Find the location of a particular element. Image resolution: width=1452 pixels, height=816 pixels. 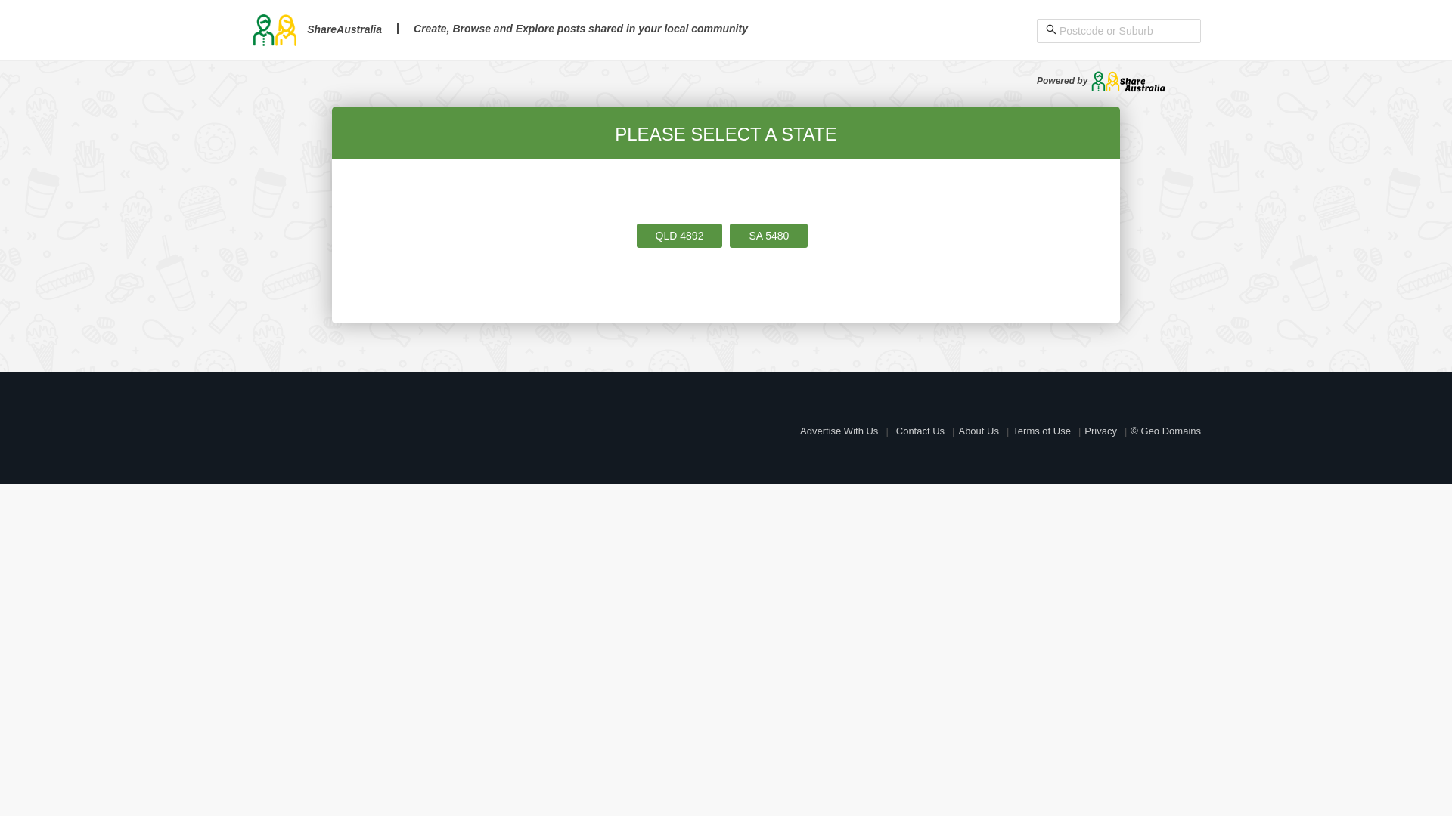

'SA 5480' is located at coordinates (768, 236).